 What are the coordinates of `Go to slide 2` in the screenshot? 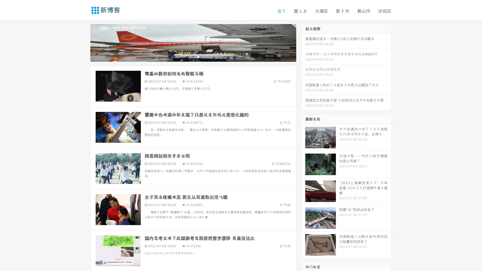 It's located at (193, 56).